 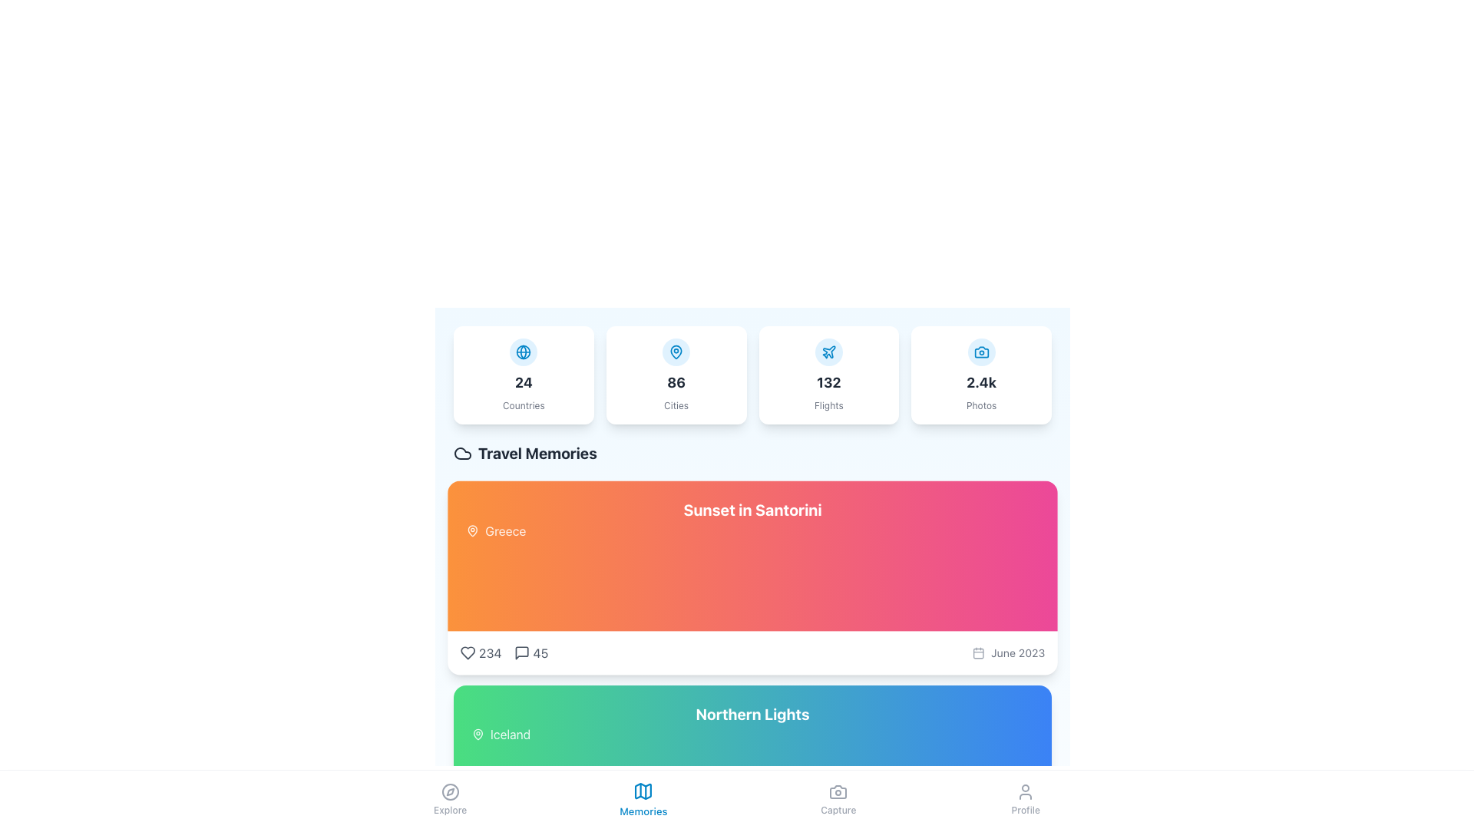 I want to click on the text label 'Greece' located in the upper-left corner of the 'Travel Memories' section, so click(x=505, y=530).